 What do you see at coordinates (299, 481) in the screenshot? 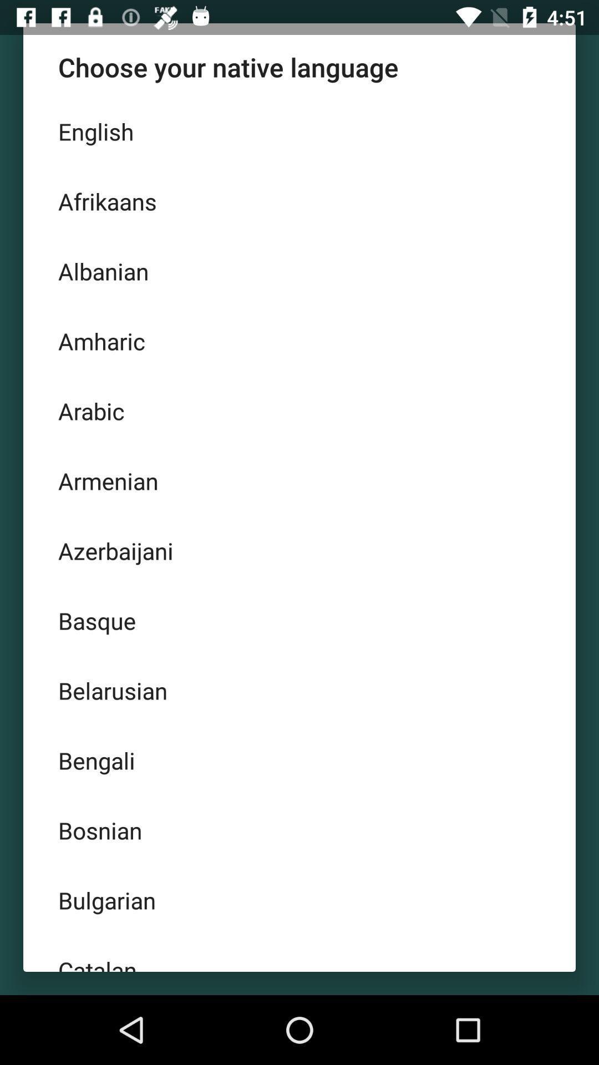
I see `armenian item` at bounding box center [299, 481].